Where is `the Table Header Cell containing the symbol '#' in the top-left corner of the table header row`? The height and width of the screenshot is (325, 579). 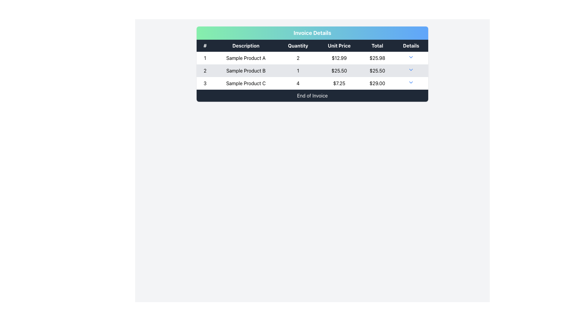 the Table Header Cell containing the symbol '#' in the top-left corner of the table header row is located at coordinates (205, 45).